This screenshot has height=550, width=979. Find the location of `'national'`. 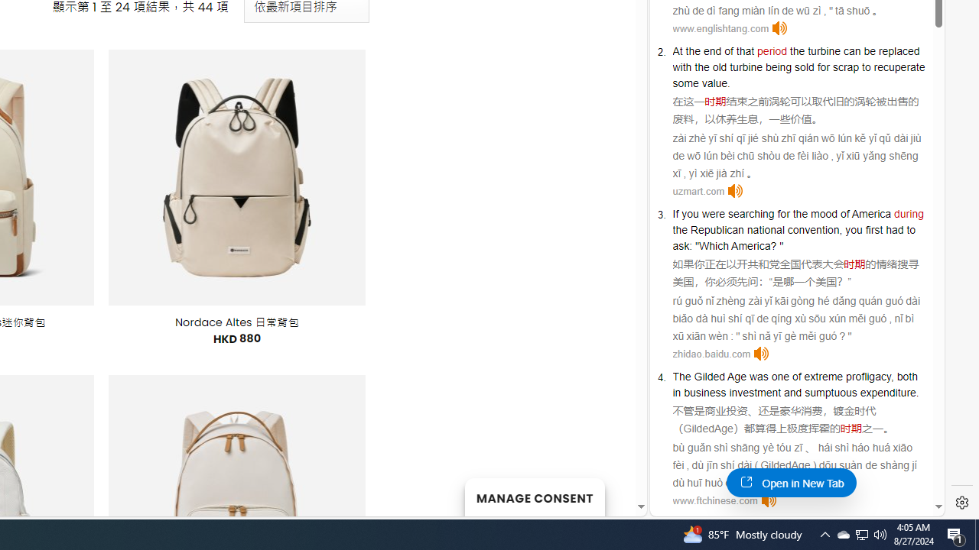

'national' is located at coordinates (765, 229).